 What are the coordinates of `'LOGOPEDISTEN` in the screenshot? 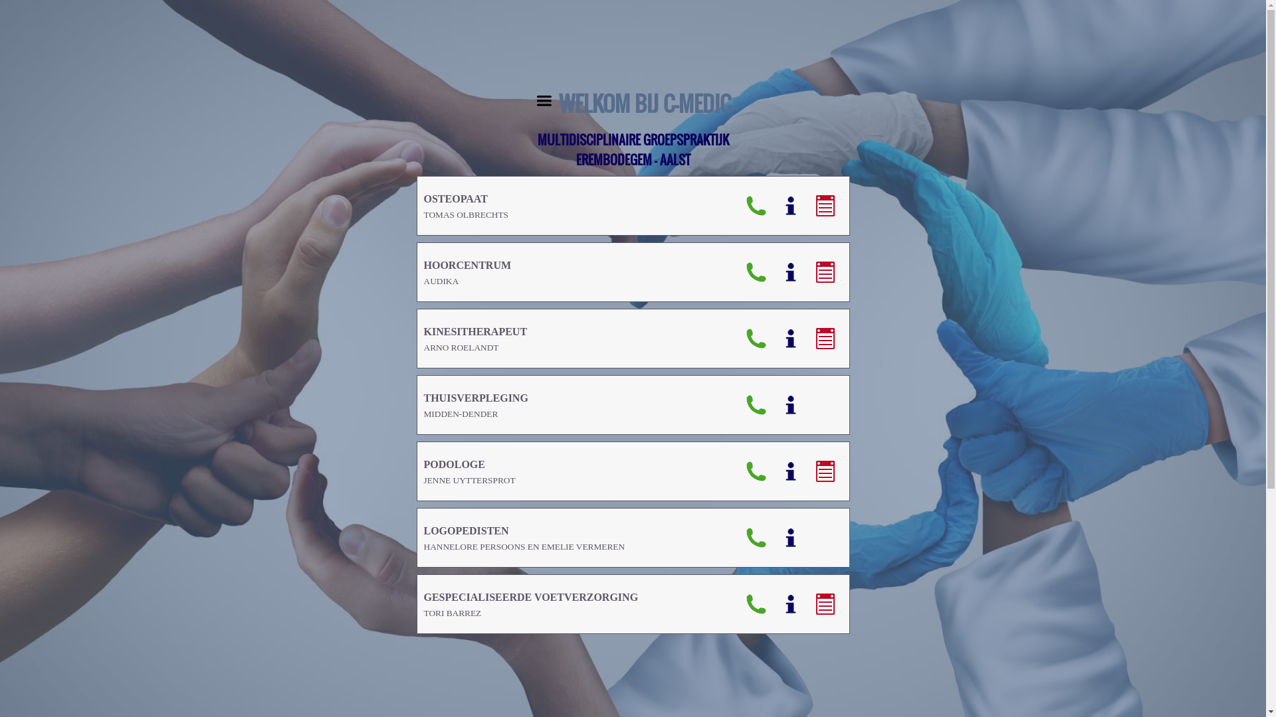 It's located at (524, 538).